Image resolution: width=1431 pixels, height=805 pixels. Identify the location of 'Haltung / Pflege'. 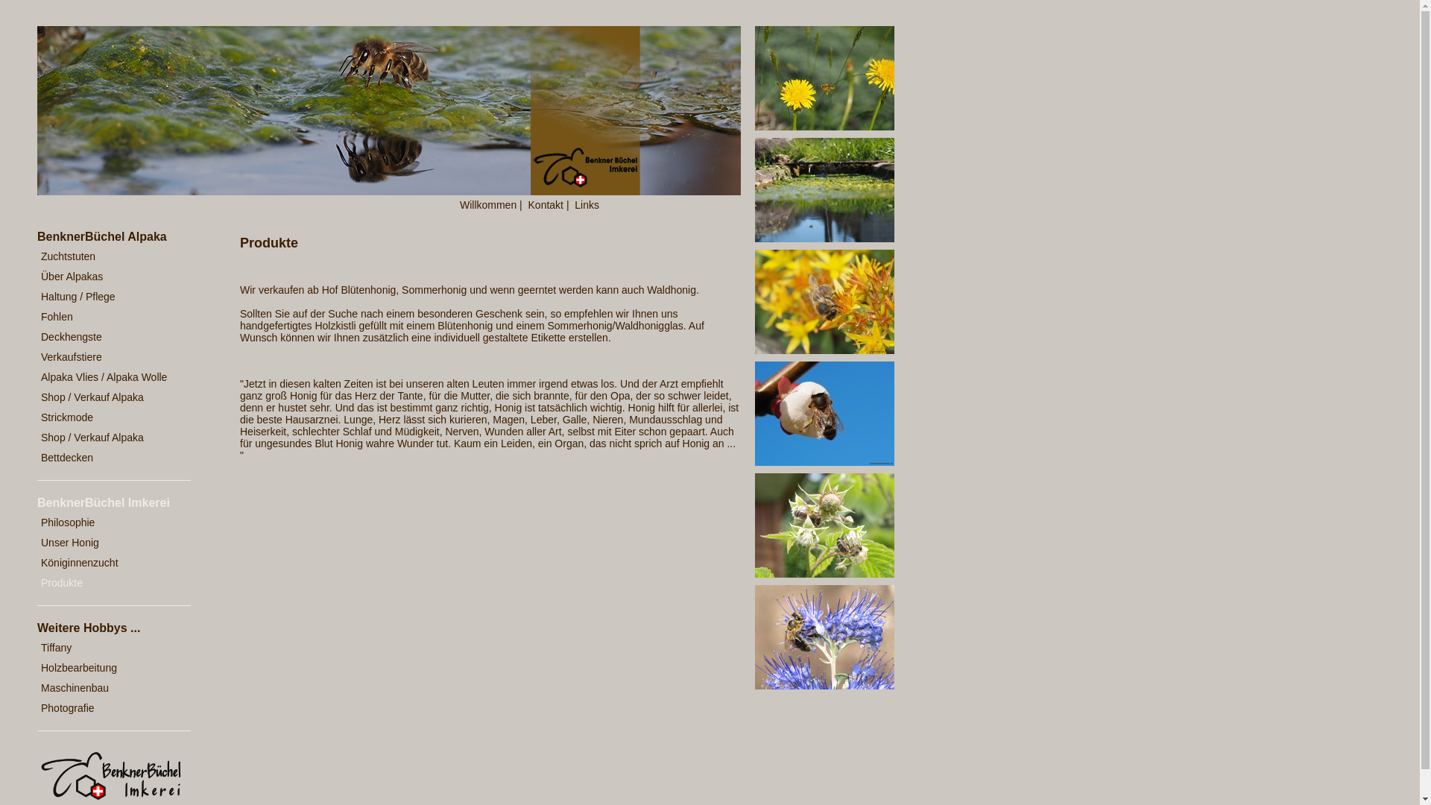
(107, 297).